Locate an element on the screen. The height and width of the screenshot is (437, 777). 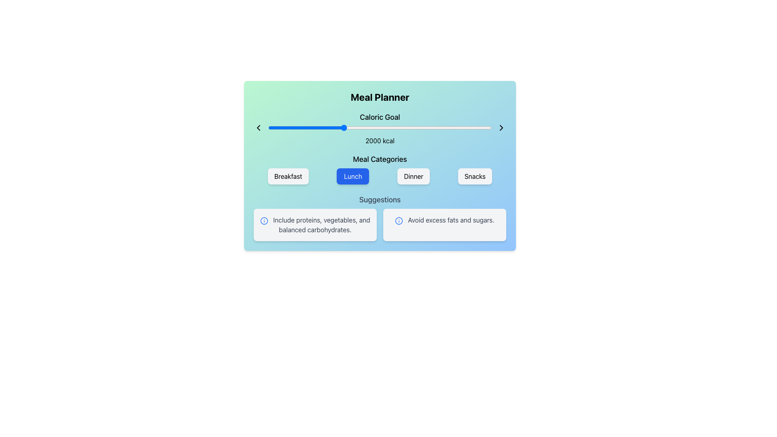
text label that says 'Meal Categories', which is presented in bold font style and is located at the center of the interface above the buttons is located at coordinates (380, 159).